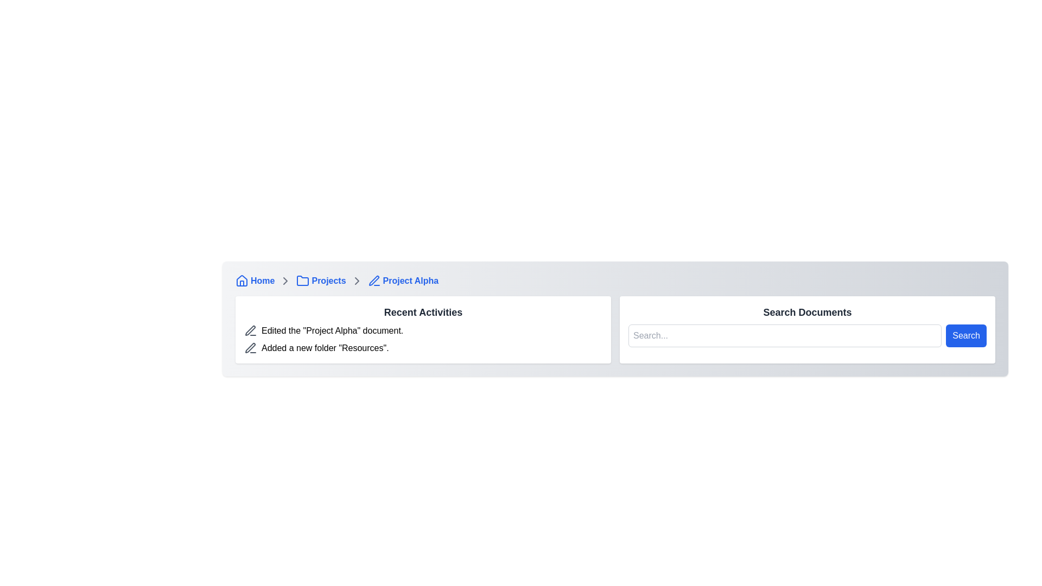 This screenshot has width=1042, height=586. I want to click on the folder icon located in the breadcrumb navigation bar, immediately to the left of the 'Projects' text, so click(302, 280).